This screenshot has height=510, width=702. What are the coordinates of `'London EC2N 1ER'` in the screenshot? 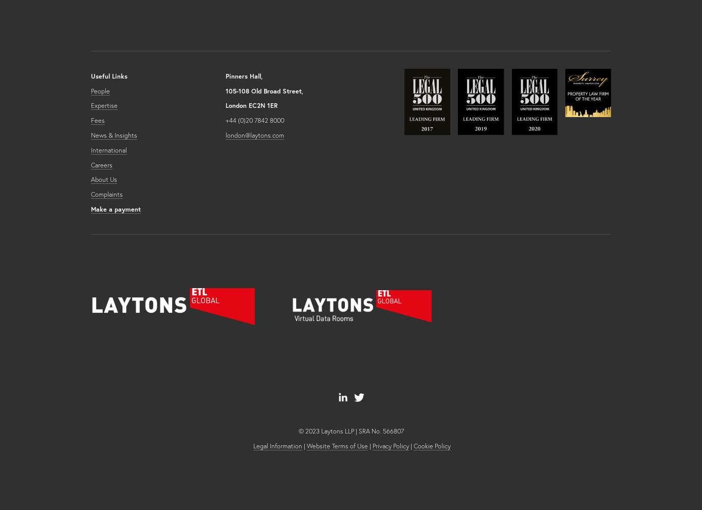 It's located at (251, 105).